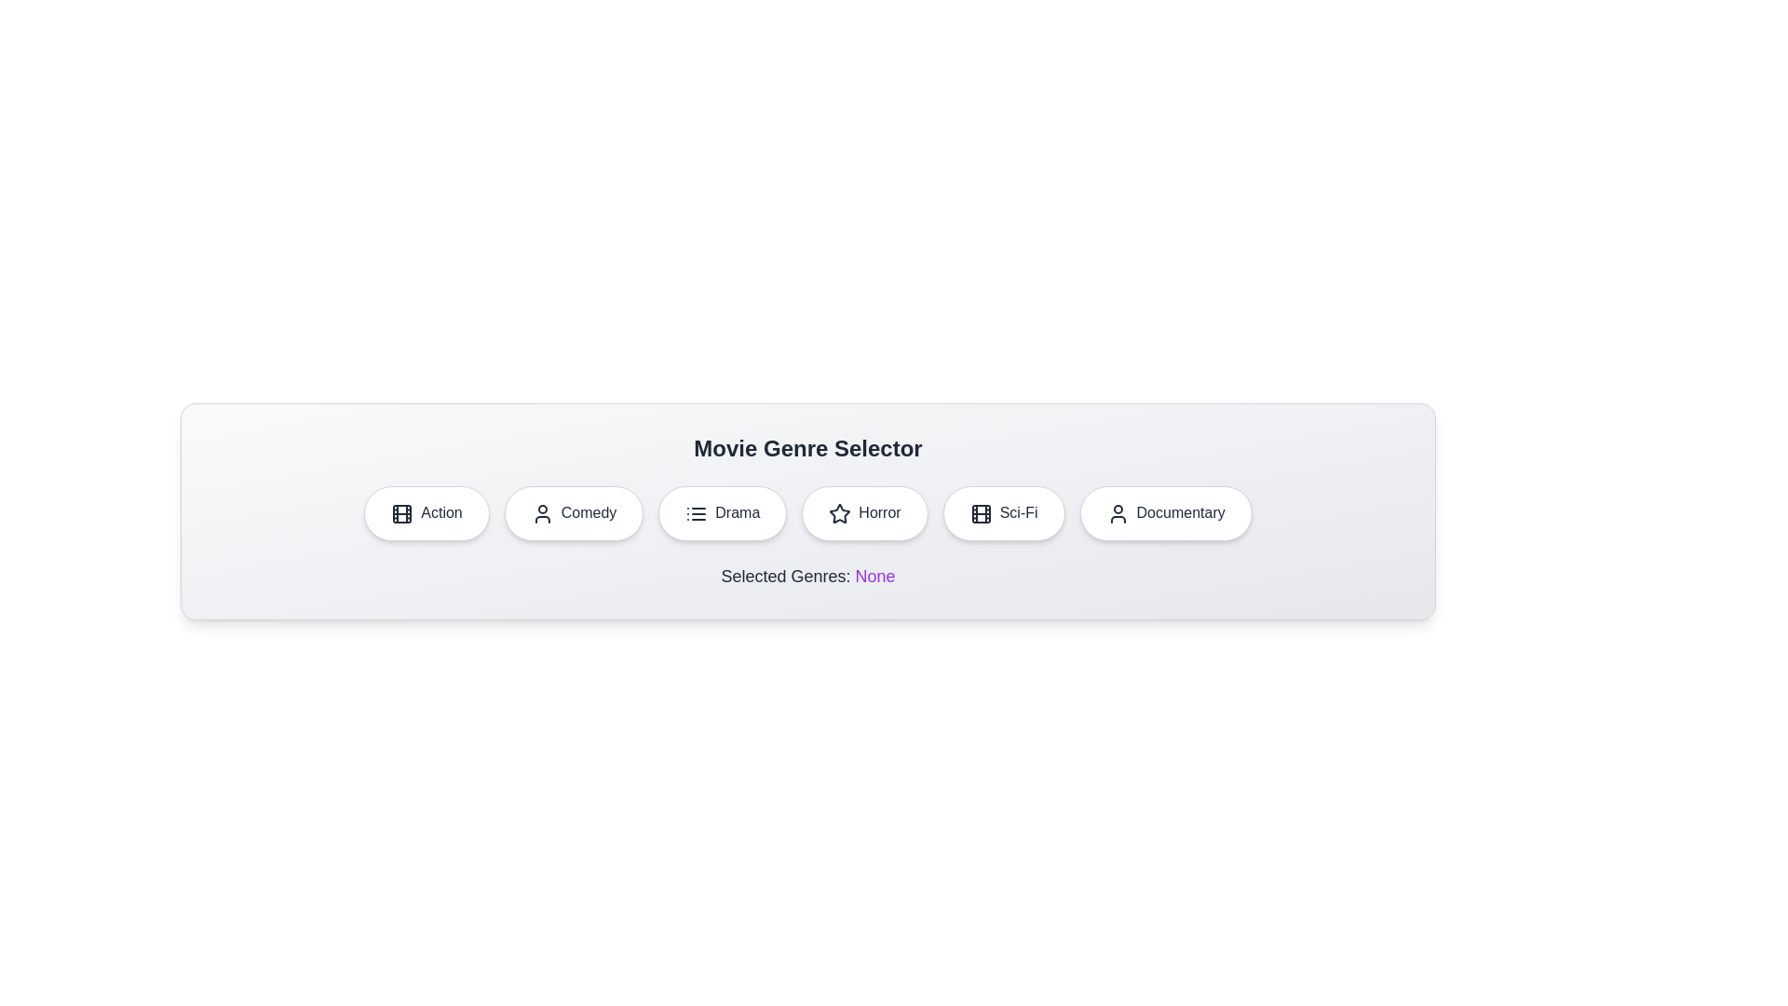  I want to click on the Action genre icon located on the leftmost side of its group, adjacent to the text label 'Action', so click(401, 513).